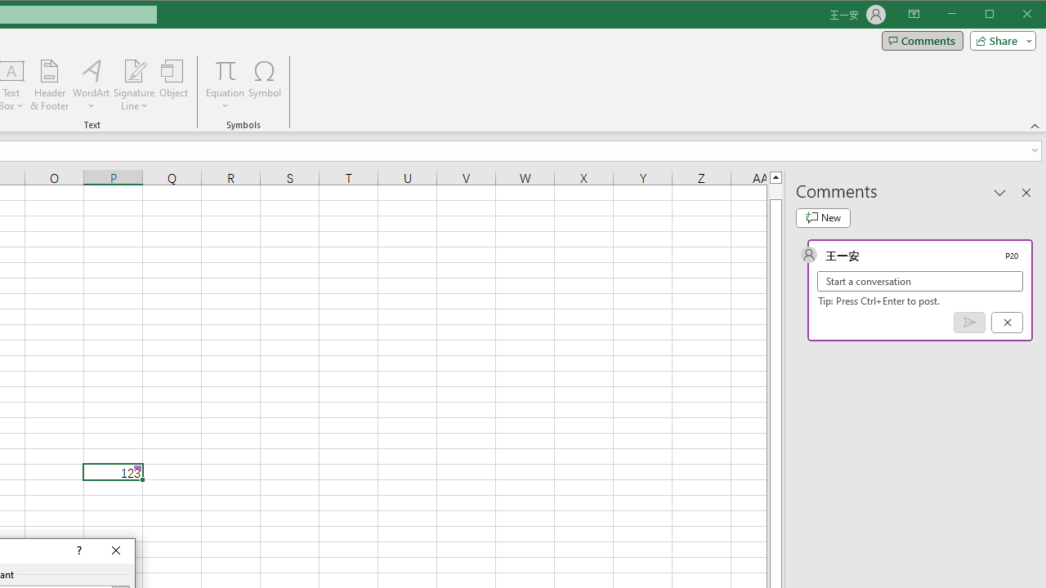 The image size is (1046, 588). What do you see at coordinates (994, 16) in the screenshot?
I see `'Minimize'` at bounding box center [994, 16].